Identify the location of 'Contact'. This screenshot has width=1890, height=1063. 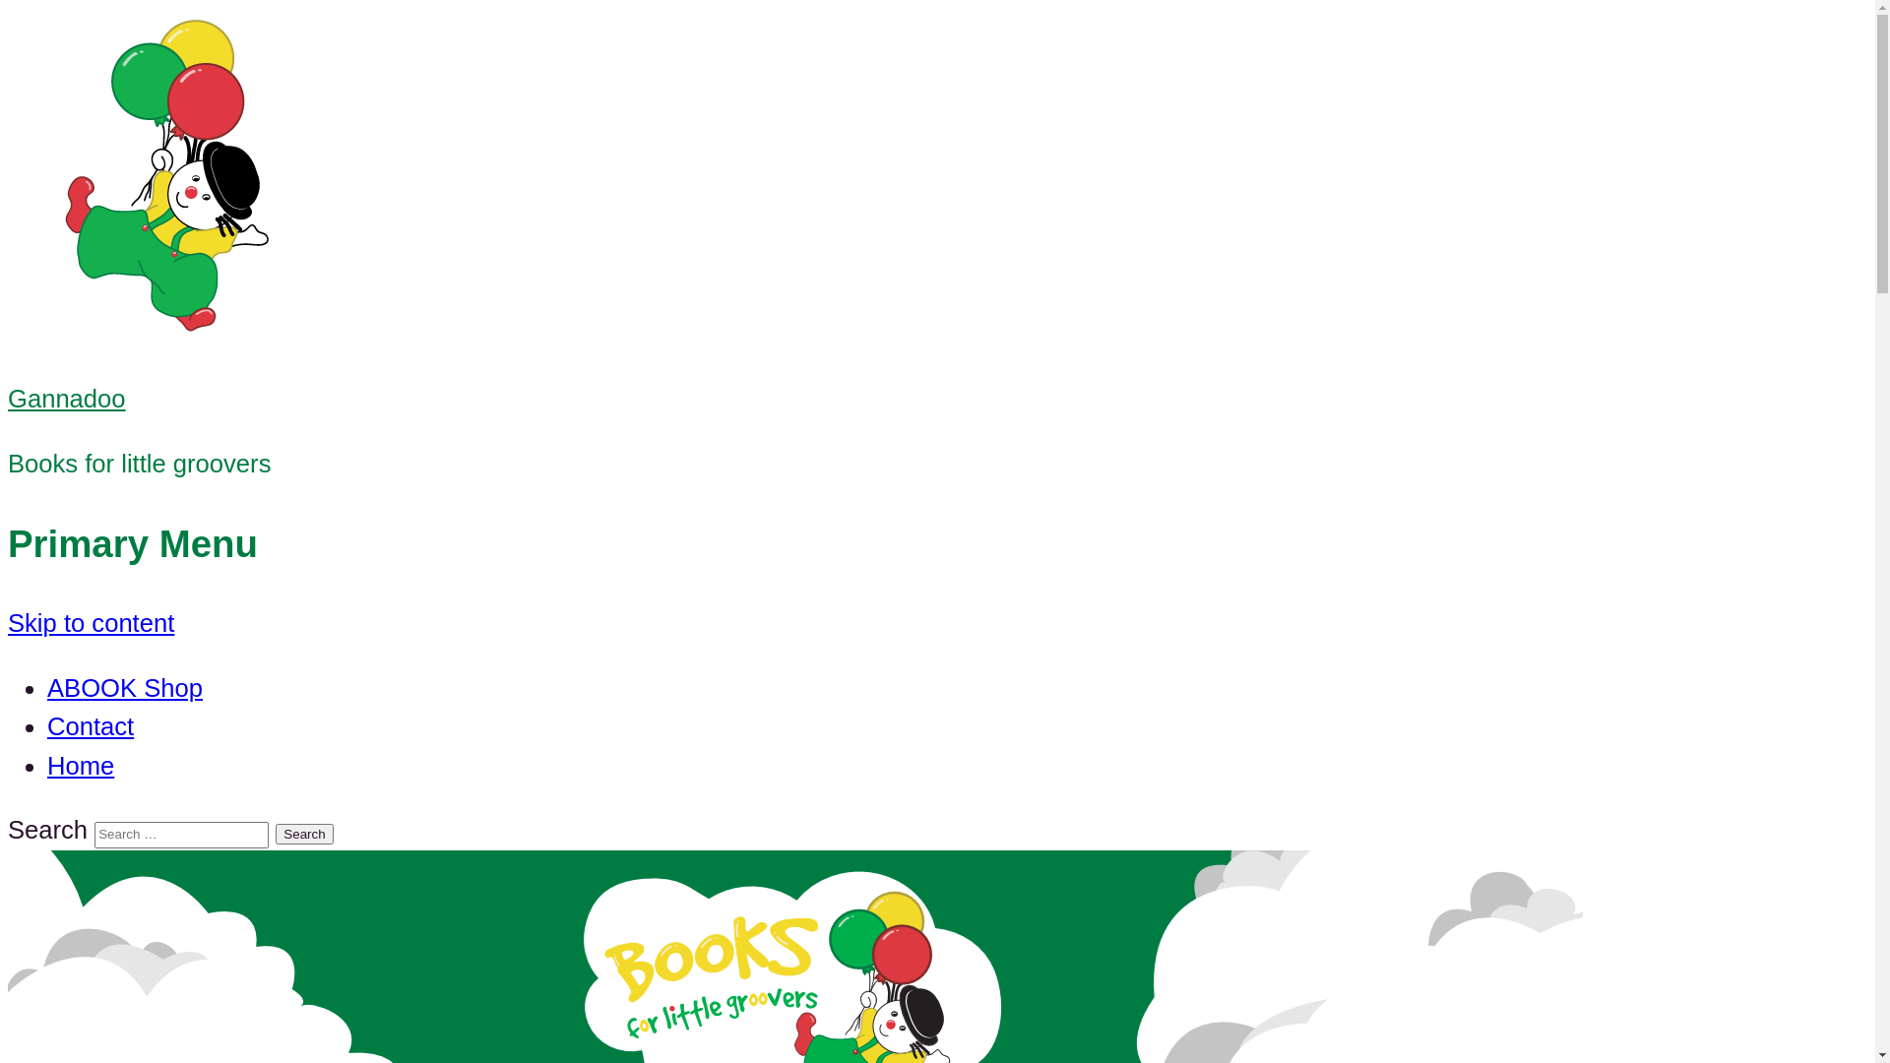
(89, 725).